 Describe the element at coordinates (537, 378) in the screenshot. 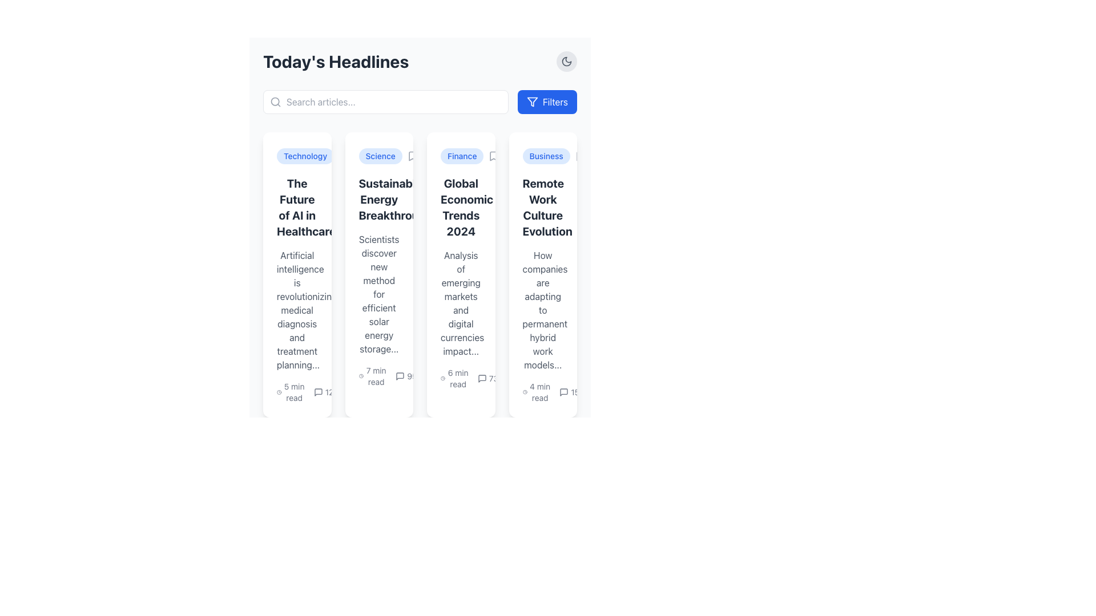

I see `the thumbs-up icon located under the headline 'Remote Work Culture Evolution' next to the numerical text '421'` at that location.